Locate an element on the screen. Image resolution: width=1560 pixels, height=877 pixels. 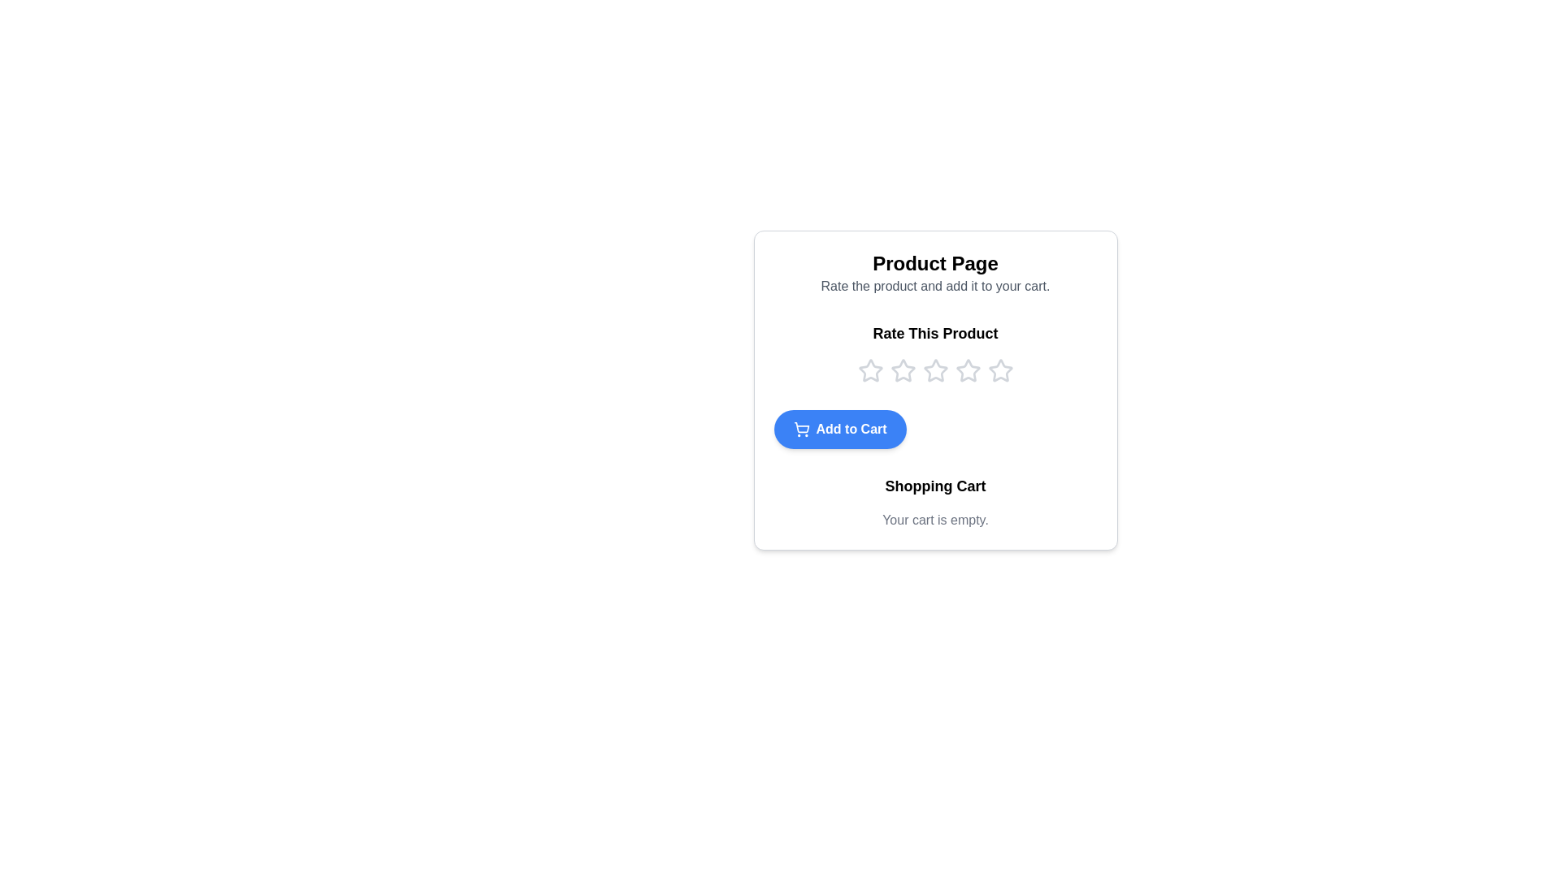
the Rating widget located below the 'Product Page' heading and above the 'Add to Cart' button for keyboard interaction is located at coordinates (935, 352).